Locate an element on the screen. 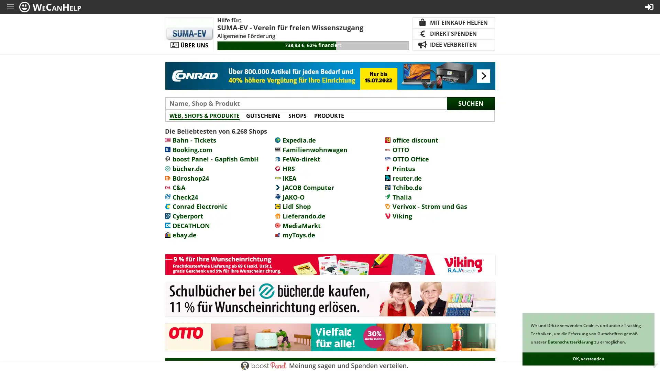 Image resolution: width=660 pixels, height=371 pixels. learn more about cookies is located at coordinates (627, 342).